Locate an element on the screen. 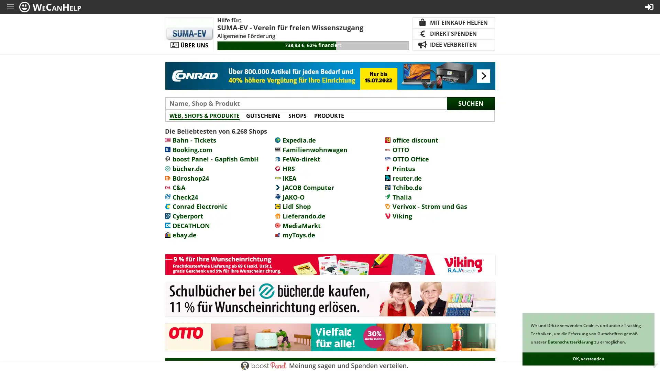 Image resolution: width=660 pixels, height=371 pixels. learn more about cookies is located at coordinates (627, 342).